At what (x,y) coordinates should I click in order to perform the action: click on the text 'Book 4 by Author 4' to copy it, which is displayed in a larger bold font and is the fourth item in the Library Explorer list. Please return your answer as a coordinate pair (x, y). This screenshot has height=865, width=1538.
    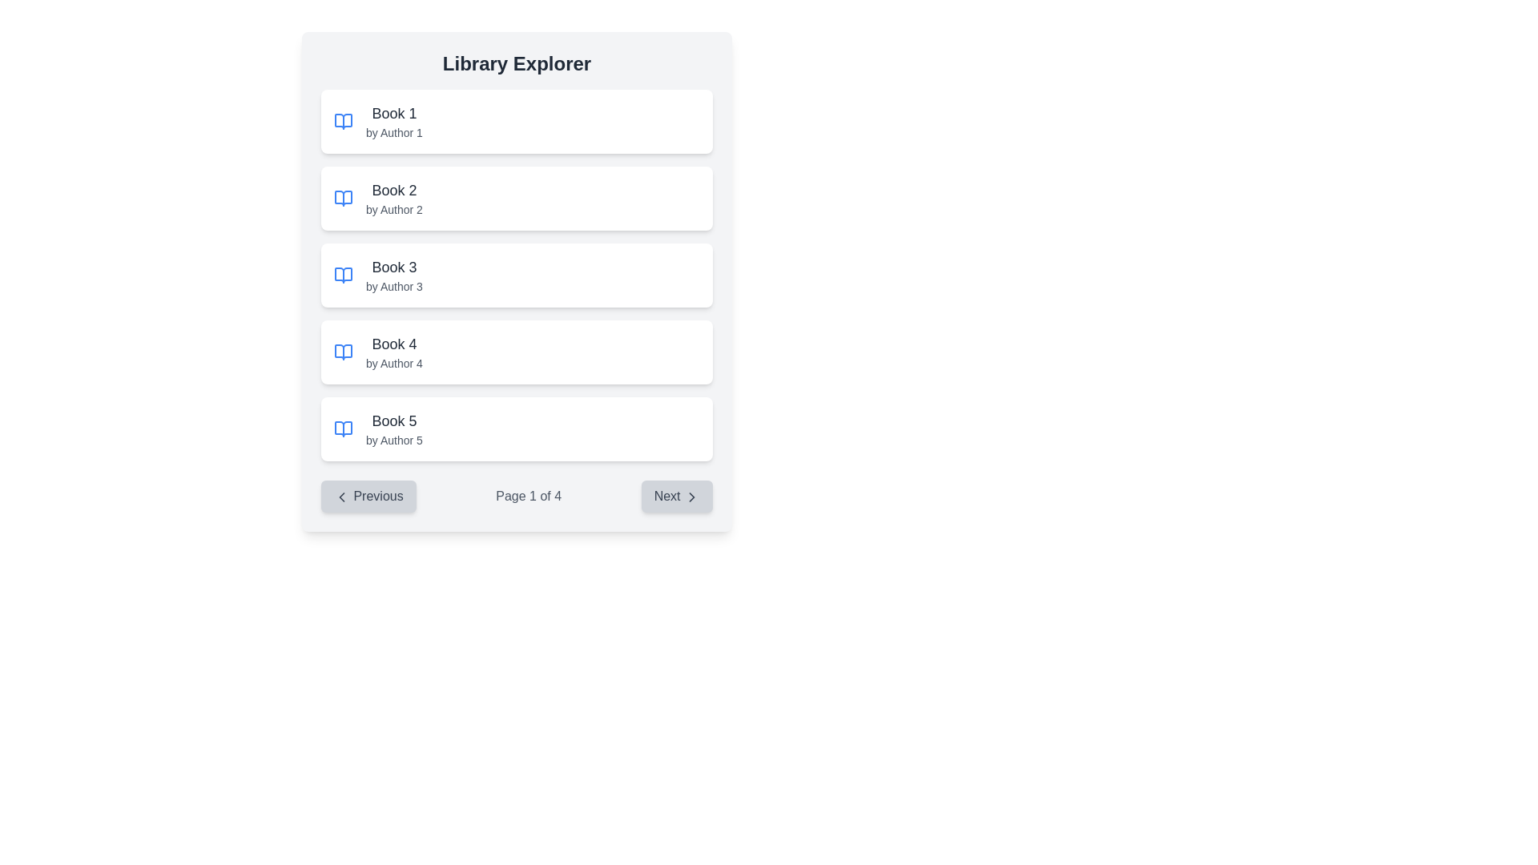
    Looking at the image, I should click on (394, 351).